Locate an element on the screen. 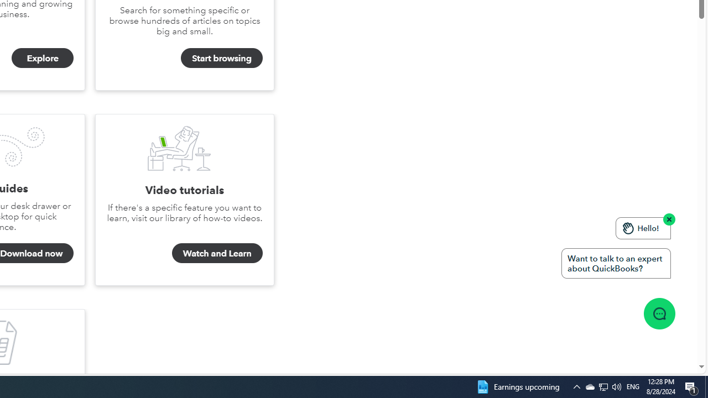  'Start browsing' is located at coordinates (221, 58).